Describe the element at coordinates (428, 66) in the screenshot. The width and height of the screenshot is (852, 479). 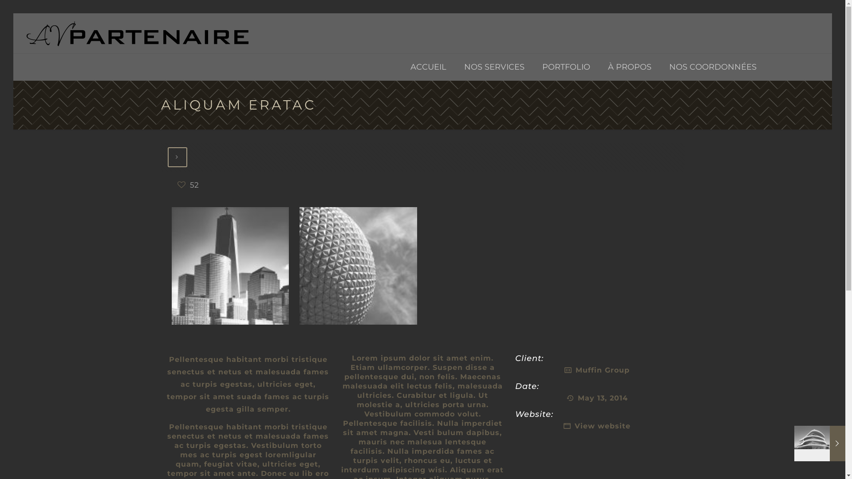
I see `'ACCUEIL'` at that location.